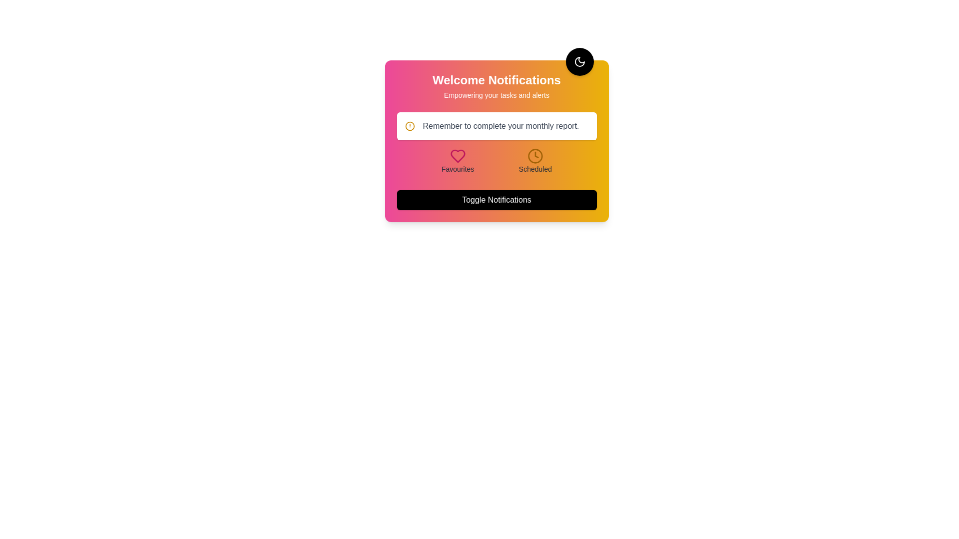  What do you see at coordinates (410, 126) in the screenshot?
I see `the circular yellow warning icon with an exclamation mark, which is located to the far left of the text block that reads 'Remember` at bounding box center [410, 126].